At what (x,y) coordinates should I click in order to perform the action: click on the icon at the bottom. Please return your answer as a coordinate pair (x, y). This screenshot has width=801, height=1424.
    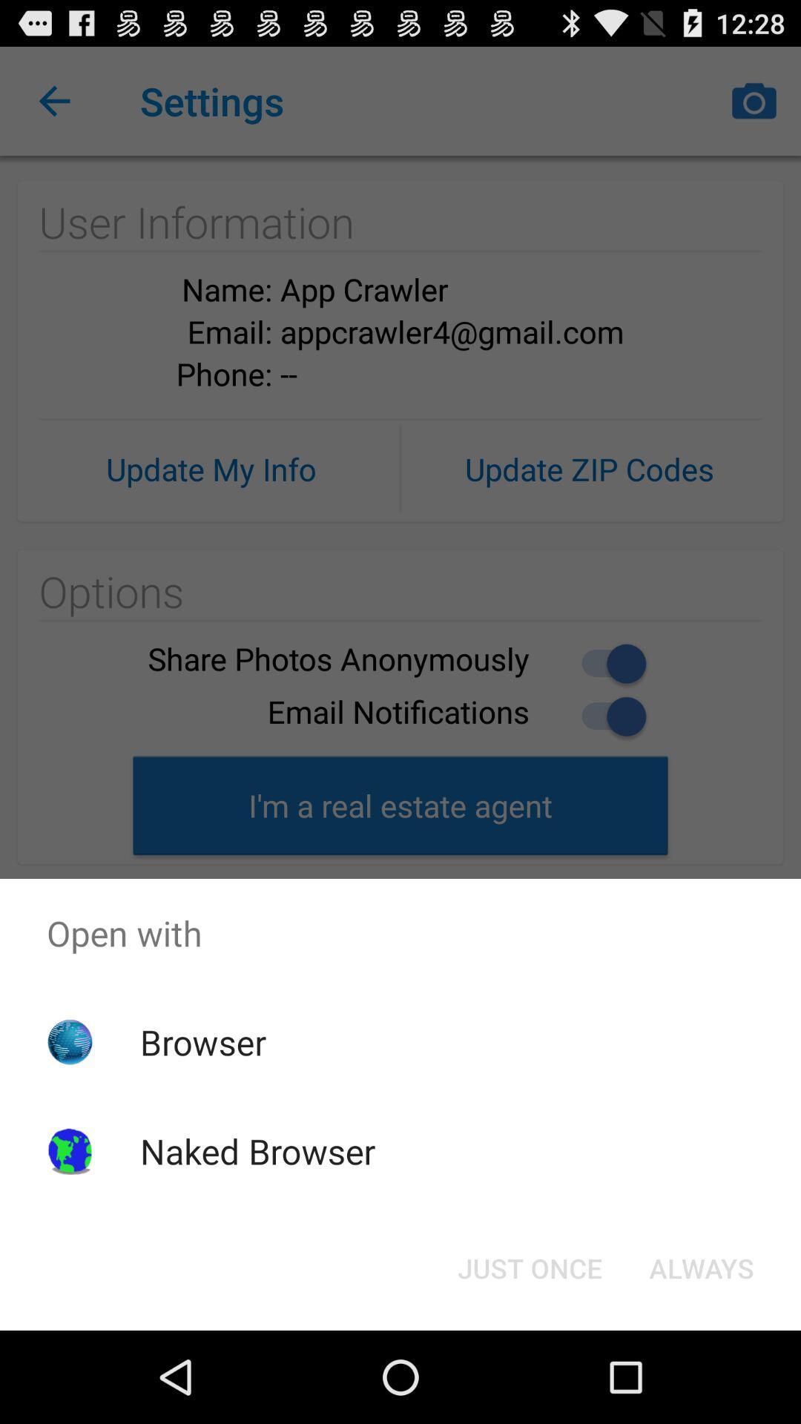
    Looking at the image, I should click on (529, 1267).